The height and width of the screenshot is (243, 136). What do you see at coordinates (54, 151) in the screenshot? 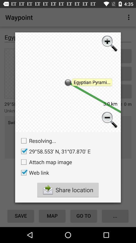
I see `the 29 58 553 item` at bounding box center [54, 151].